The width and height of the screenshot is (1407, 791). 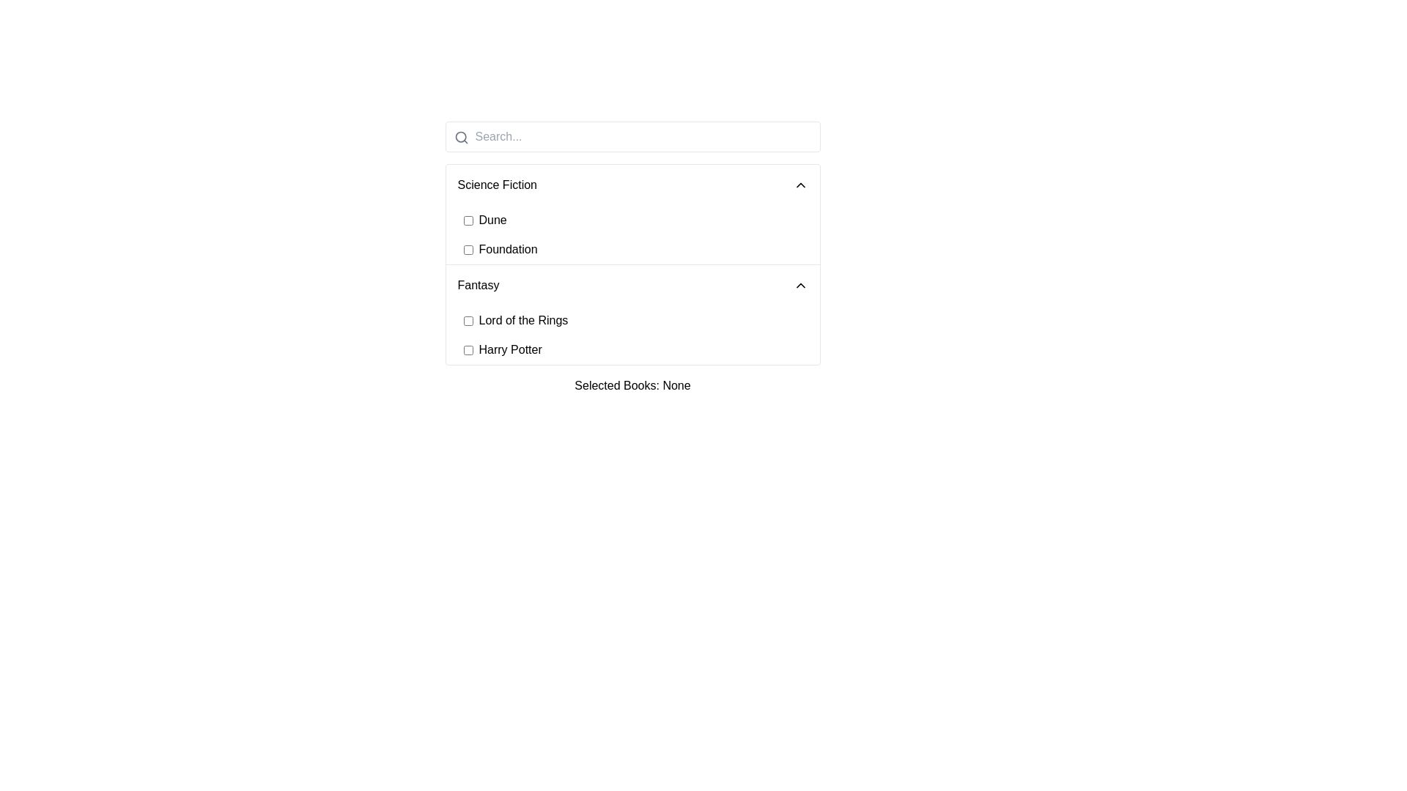 I want to click on the checkbox located next to the text 'Foundation' in the 'Science Fiction' section, so click(x=467, y=248).